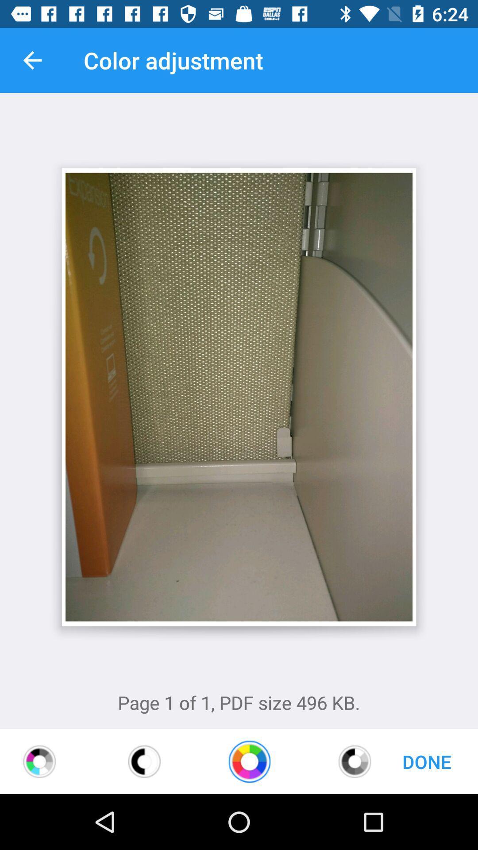 Image resolution: width=478 pixels, height=850 pixels. Describe the element at coordinates (144, 761) in the screenshot. I see `icon below the page 1 of icon` at that location.